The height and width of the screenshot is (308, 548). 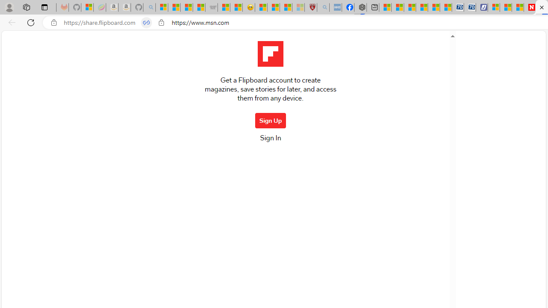 What do you see at coordinates (457, 7) in the screenshot?
I see `'Cheap Car Rentals - Save70.com'` at bounding box center [457, 7].